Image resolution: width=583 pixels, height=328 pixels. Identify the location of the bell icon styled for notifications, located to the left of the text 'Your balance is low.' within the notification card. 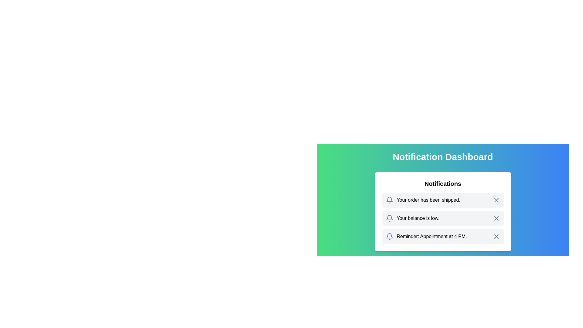
(389, 218).